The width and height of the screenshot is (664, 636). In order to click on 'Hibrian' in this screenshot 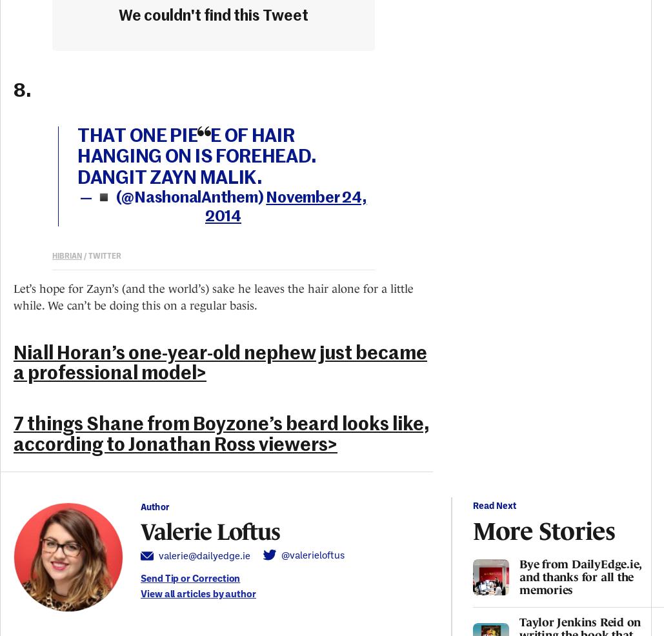, I will do `click(66, 254)`.